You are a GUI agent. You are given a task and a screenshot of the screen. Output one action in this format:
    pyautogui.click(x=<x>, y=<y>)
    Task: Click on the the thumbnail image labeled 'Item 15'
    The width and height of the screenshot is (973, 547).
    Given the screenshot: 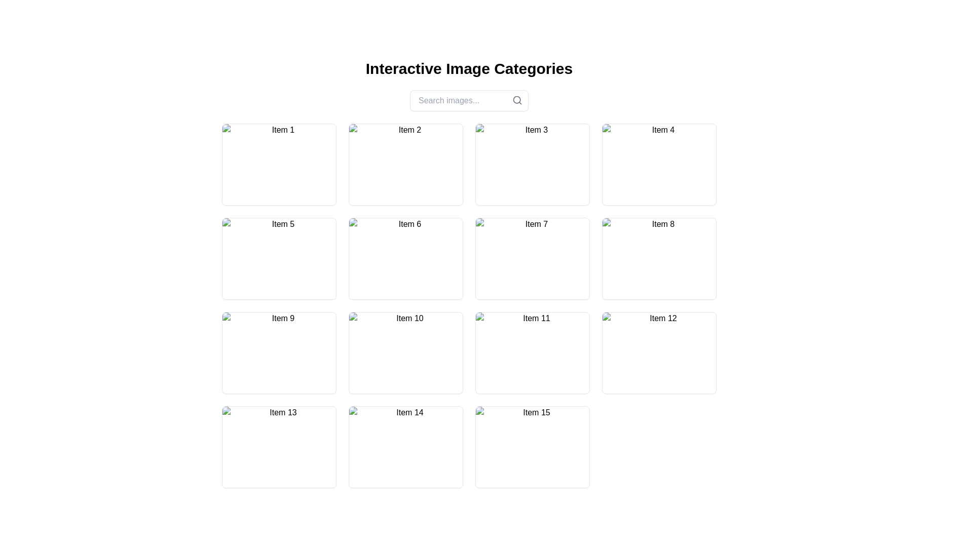 What is the action you would take?
    pyautogui.click(x=532, y=447)
    